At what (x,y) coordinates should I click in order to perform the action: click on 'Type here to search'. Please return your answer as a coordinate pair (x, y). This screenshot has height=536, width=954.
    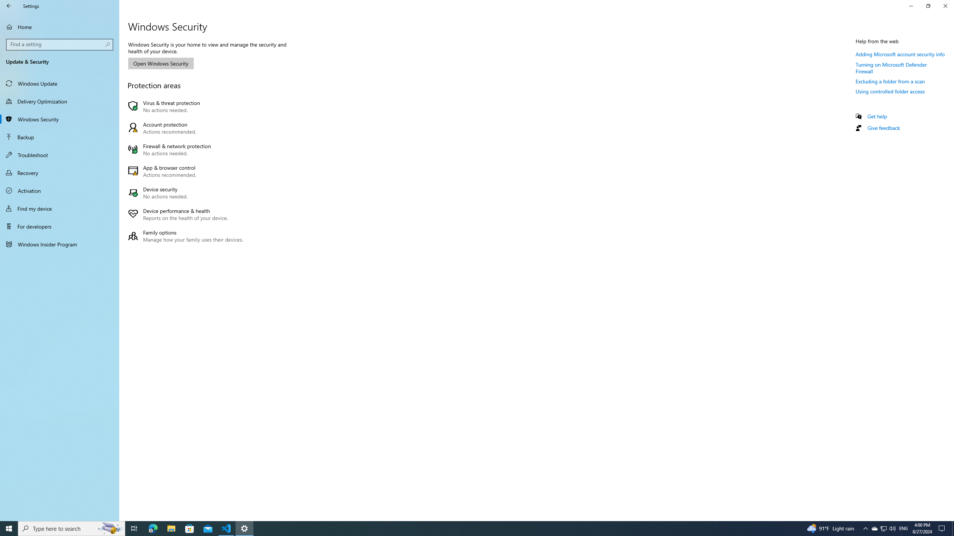
    Looking at the image, I should click on (71, 528).